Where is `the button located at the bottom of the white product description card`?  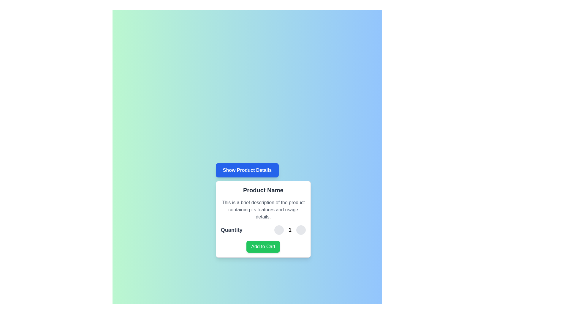
the button located at the bottom of the white product description card is located at coordinates (263, 246).